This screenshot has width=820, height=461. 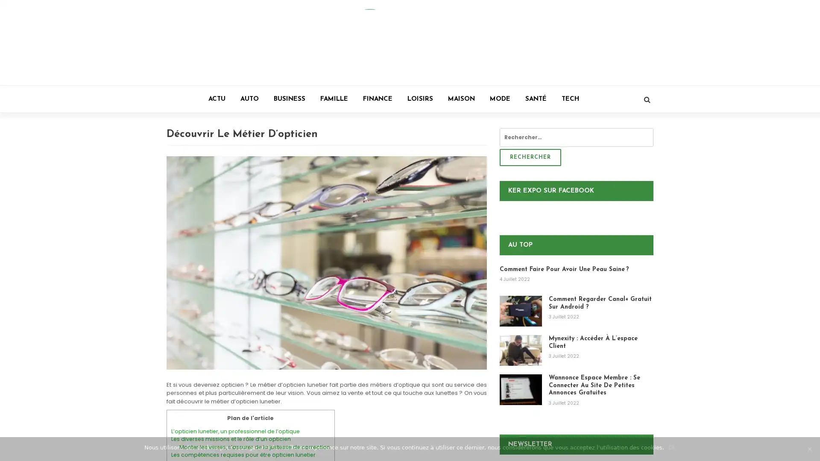 What do you see at coordinates (530, 158) in the screenshot?
I see `Rechercher` at bounding box center [530, 158].